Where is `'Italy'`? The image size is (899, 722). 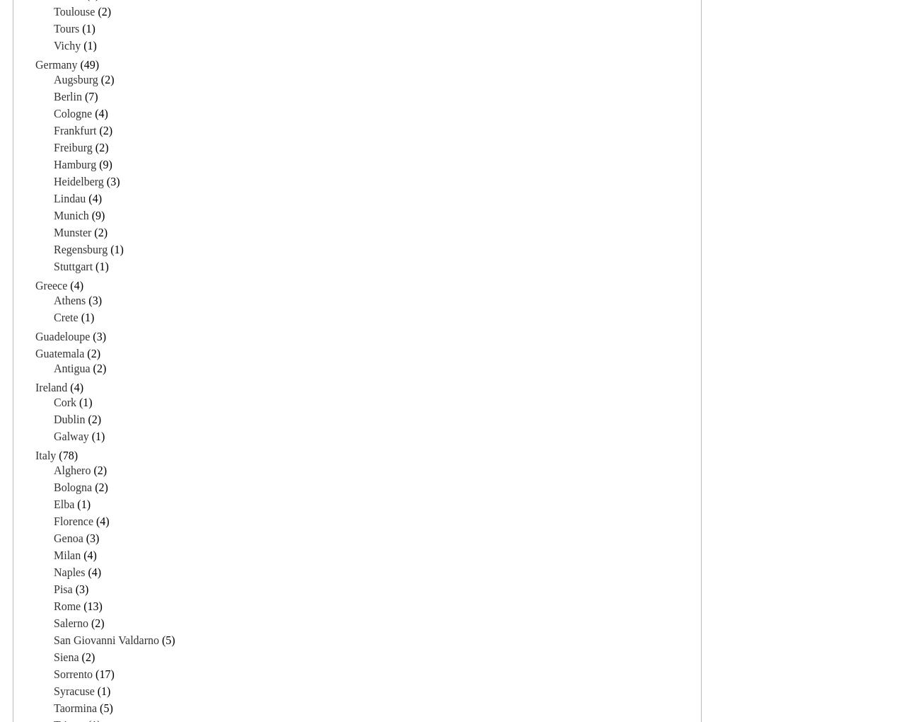
'Italy' is located at coordinates (45, 454).